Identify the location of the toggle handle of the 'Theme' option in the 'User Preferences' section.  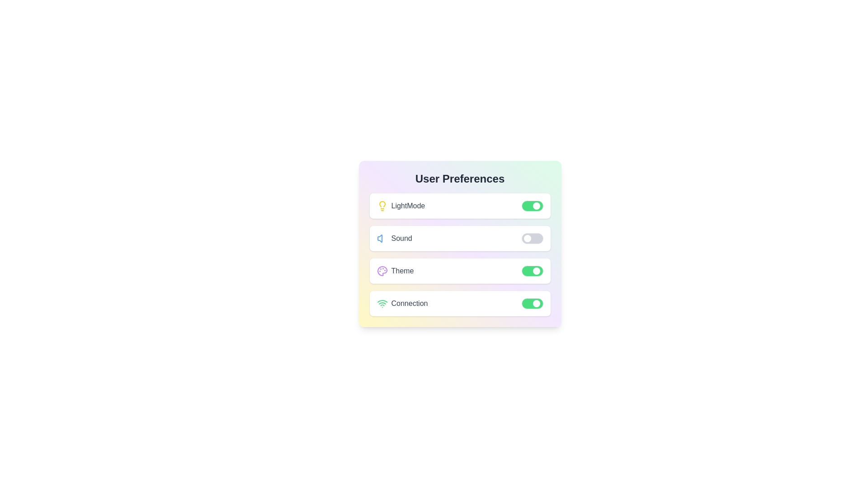
(536, 271).